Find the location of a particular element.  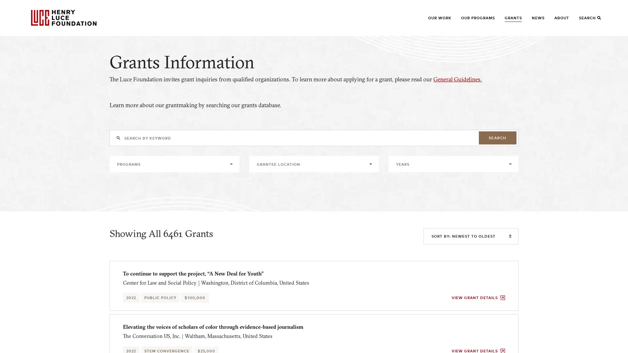

SHOW SUBMENU FOR OUR WORK is located at coordinates (438, 21).